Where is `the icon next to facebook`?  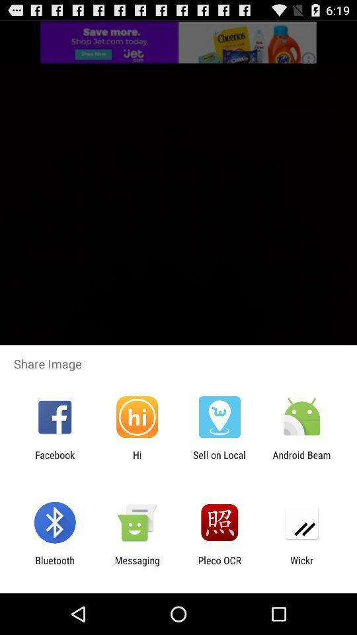
the icon next to facebook is located at coordinates (136, 460).